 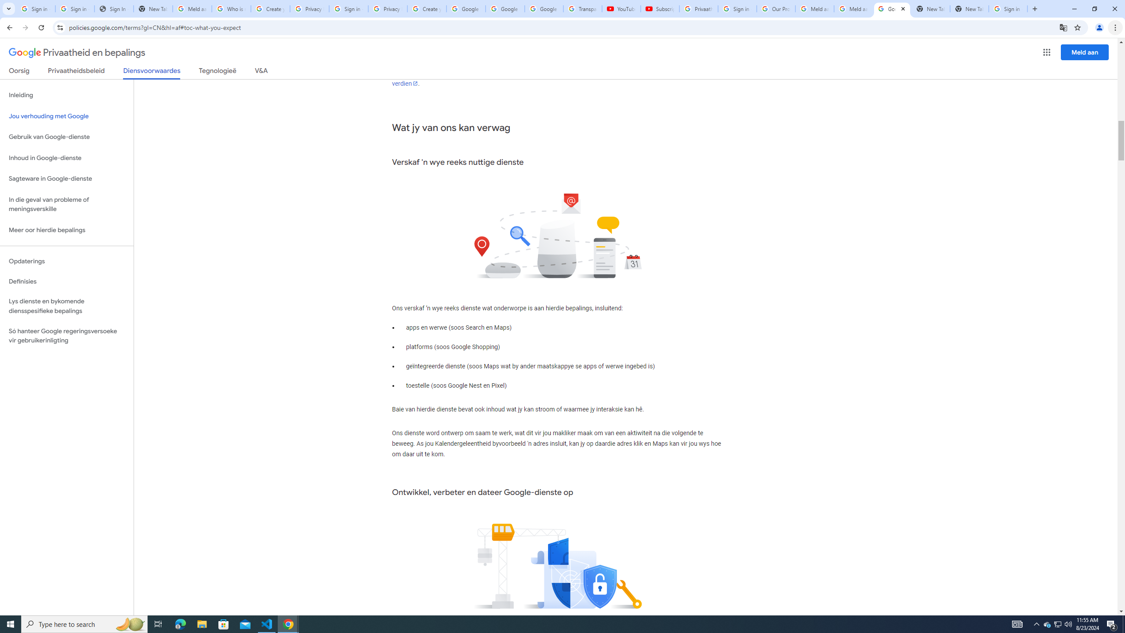 I want to click on 'Inleiding', so click(x=66, y=95).